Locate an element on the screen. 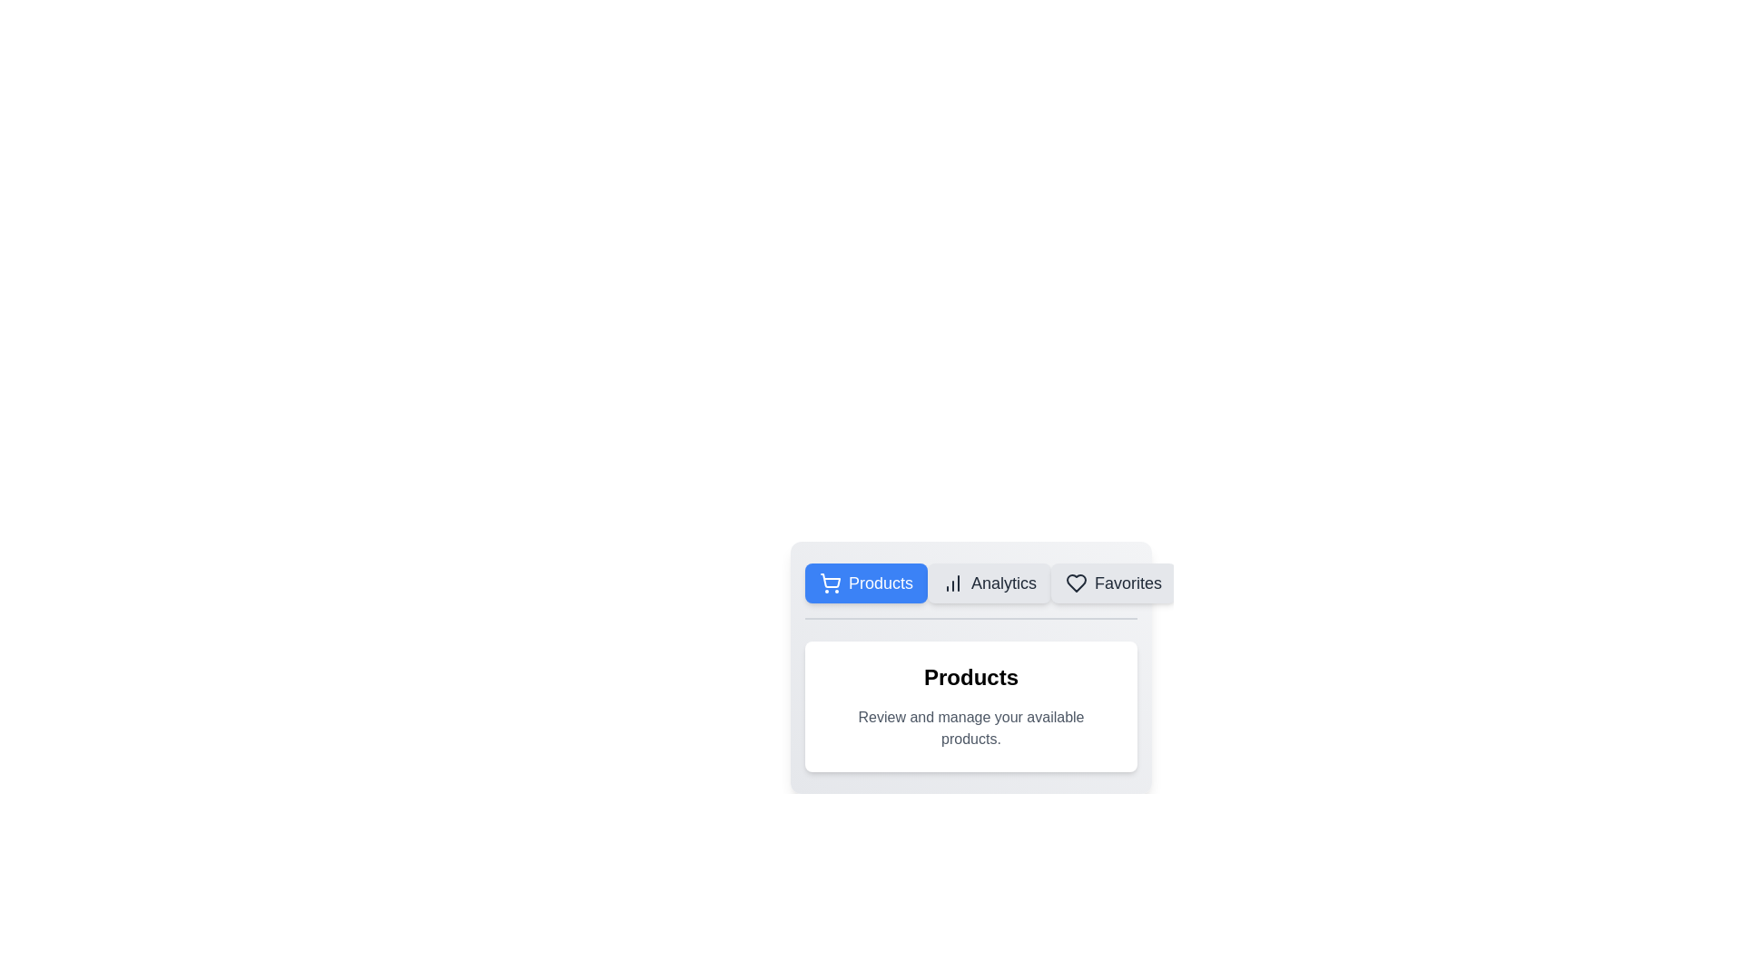 The width and height of the screenshot is (1743, 980). the 'Analytics' tab icon, which is located to the left of the 'Analytics' label in the horizontal navigation menu is located at coordinates (952, 583).